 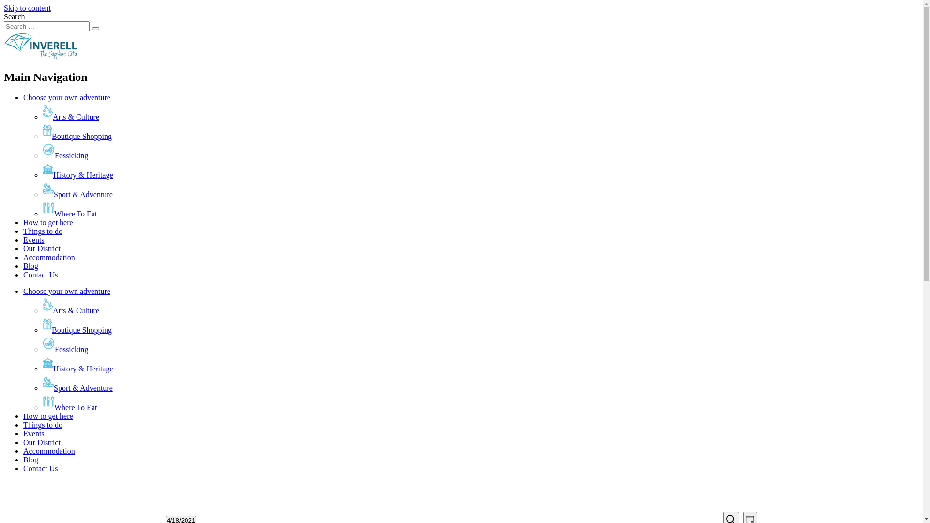 What do you see at coordinates (77, 194) in the screenshot?
I see `'Sport & Adventure'` at bounding box center [77, 194].